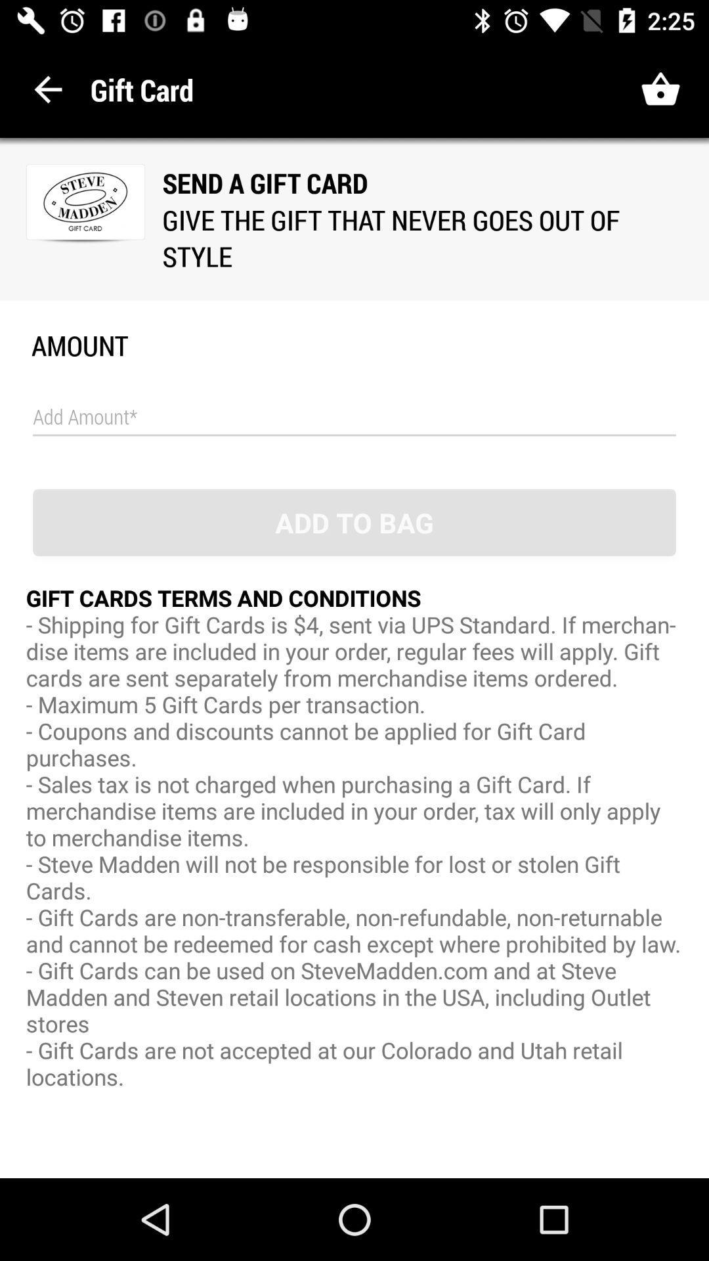 This screenshot has height=1261, width=709. Describe the element at coordinates (47, 89) in the screenshot. I see `go back` at that location.